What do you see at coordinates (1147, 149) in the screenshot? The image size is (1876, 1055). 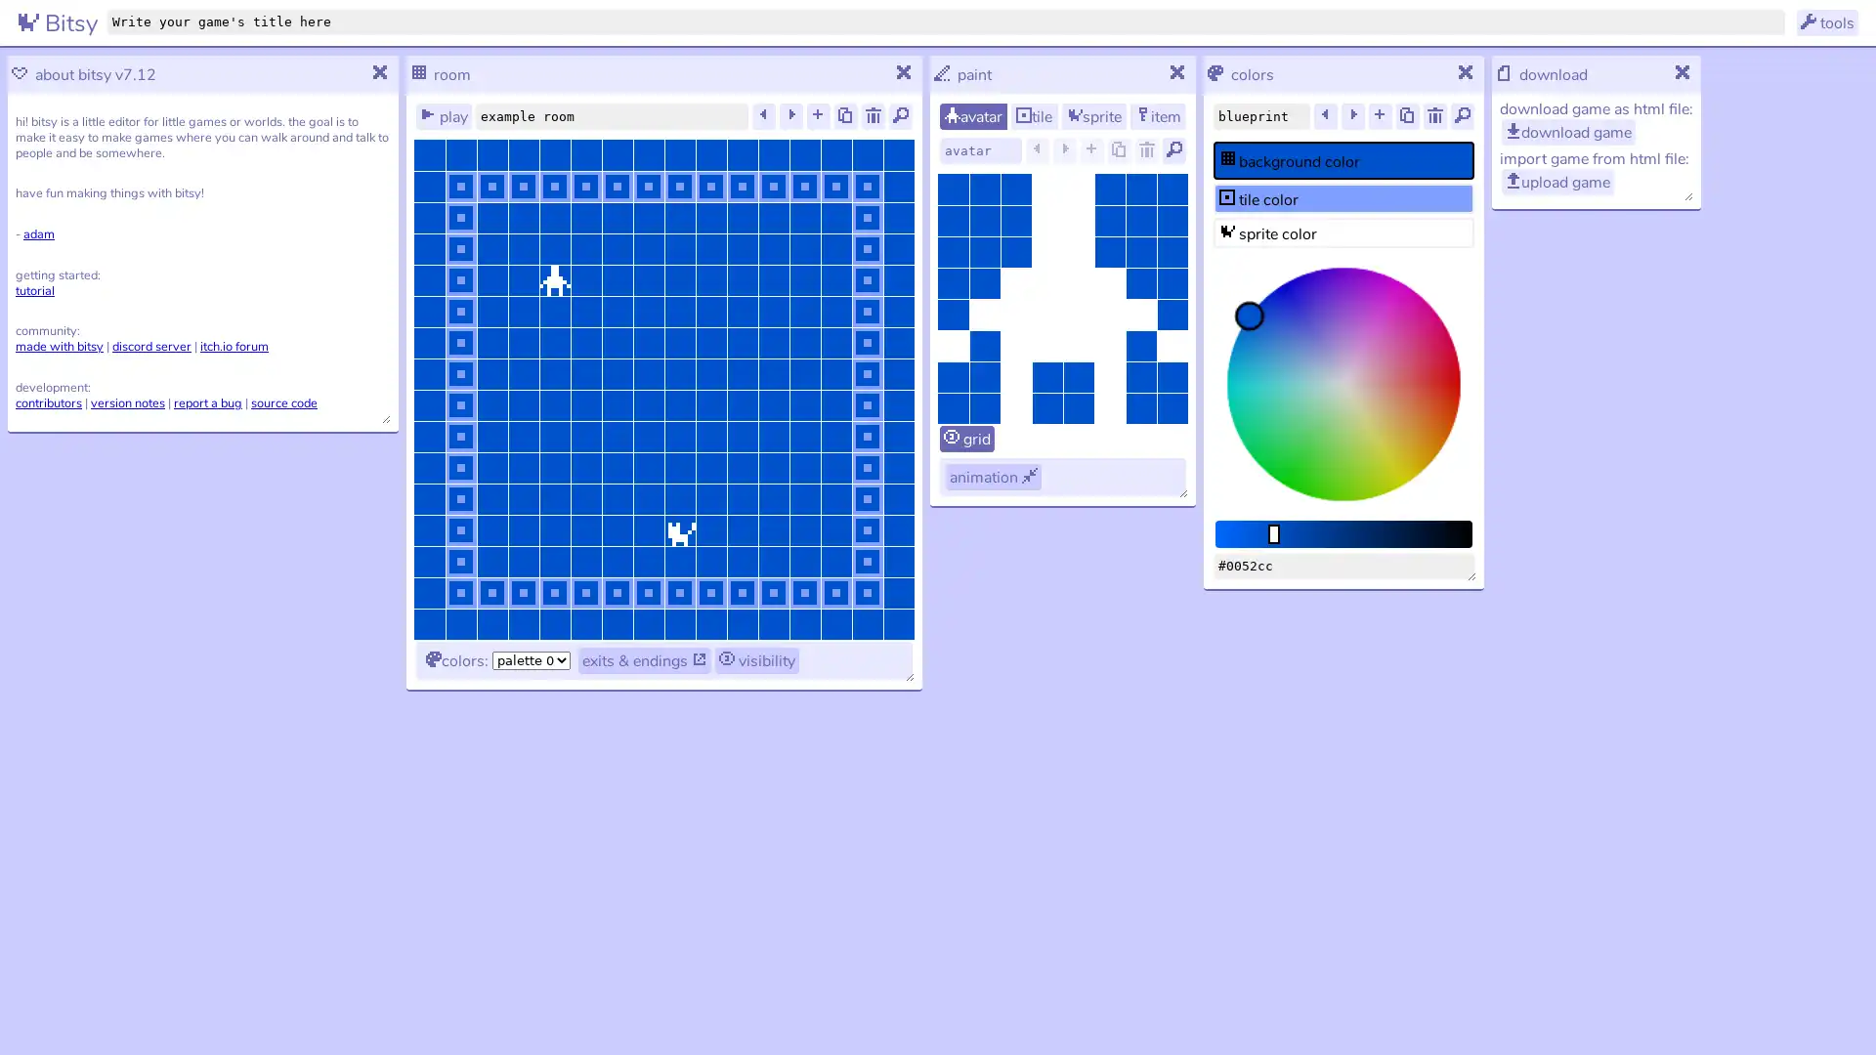 I see `delete drawing` at bounding box center [1147, 149].